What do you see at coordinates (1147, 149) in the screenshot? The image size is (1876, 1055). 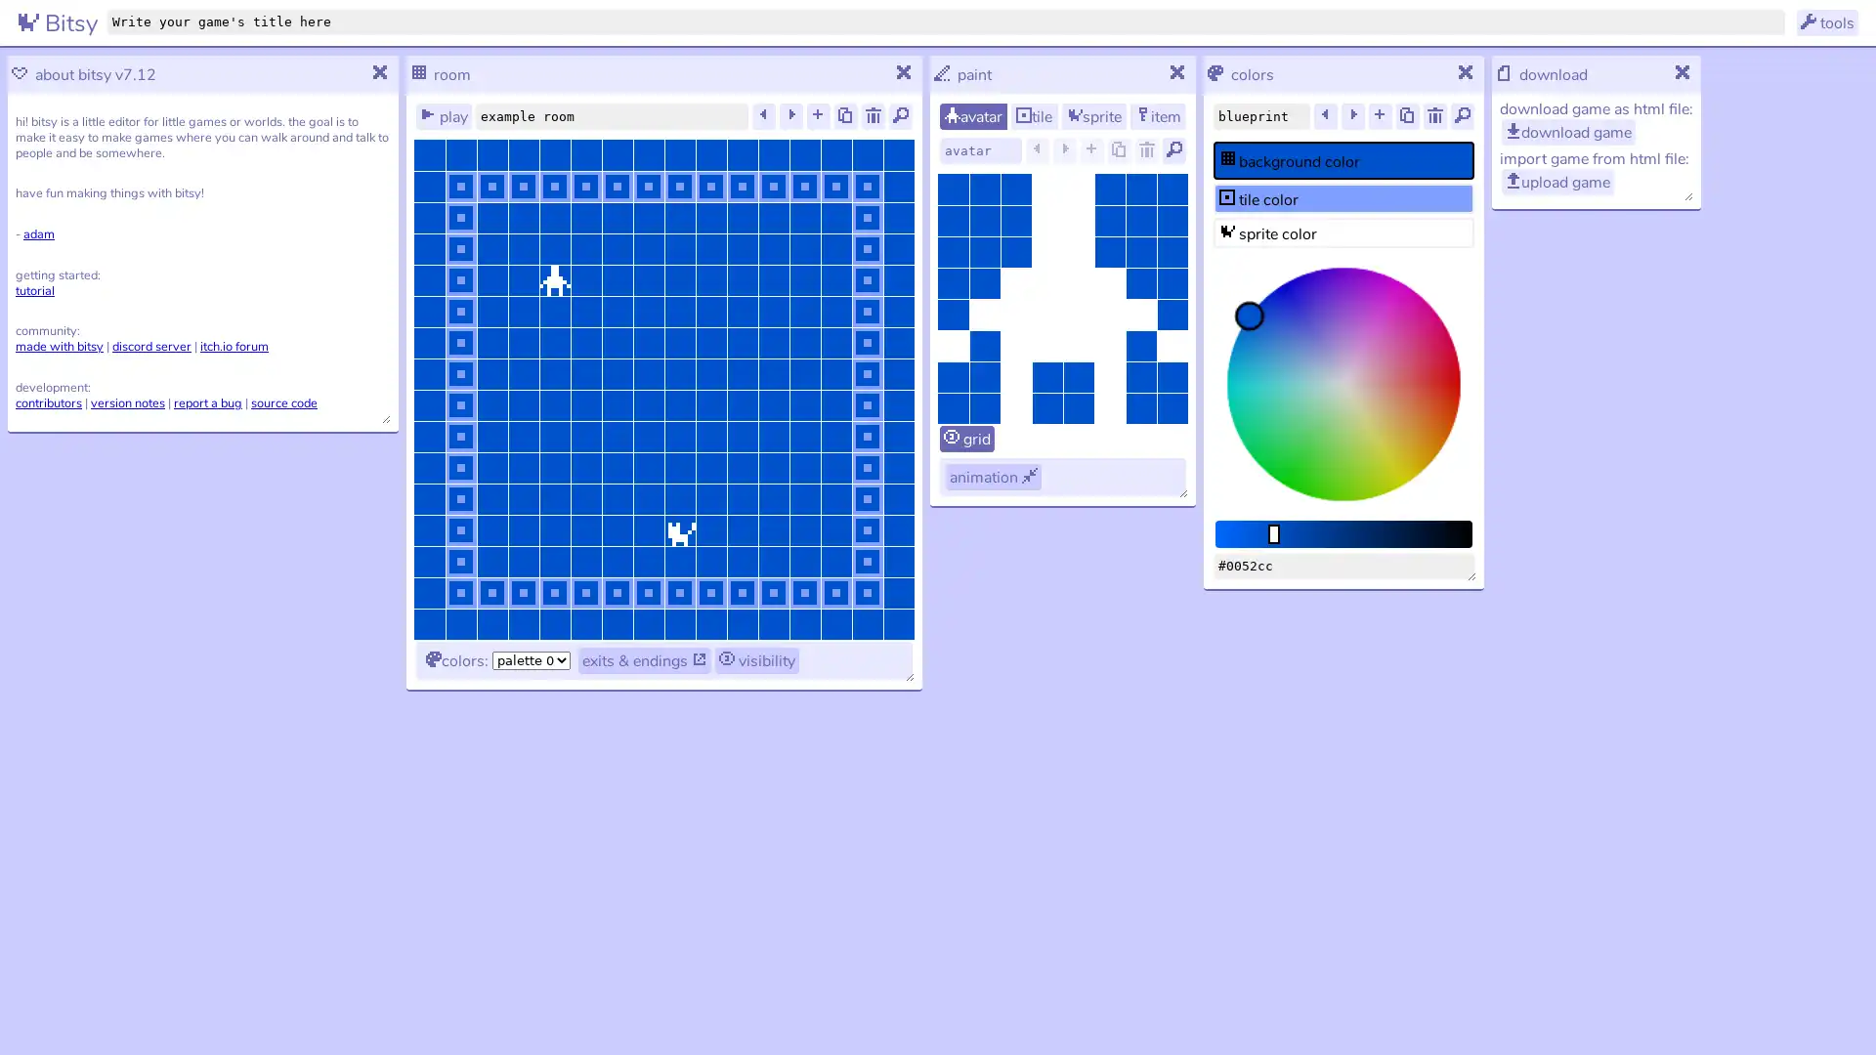 I see `delete drawing` at bounding box center [1147, 149].